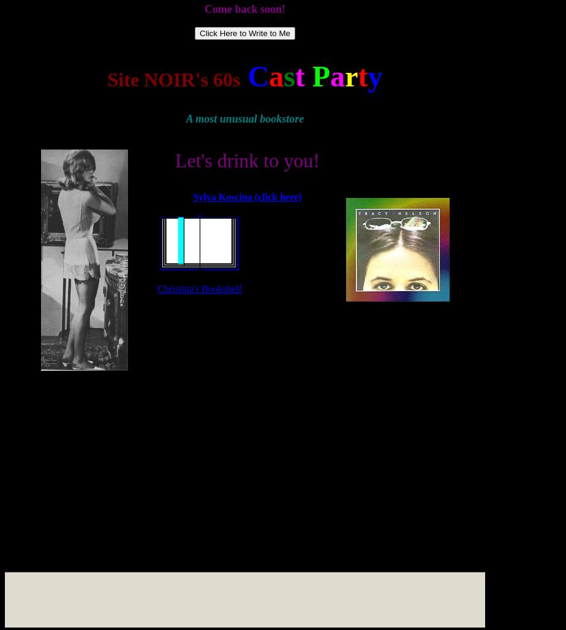  Describe the element at coordinates (344, 75) in the screenshot. I see `'r'` at that location.